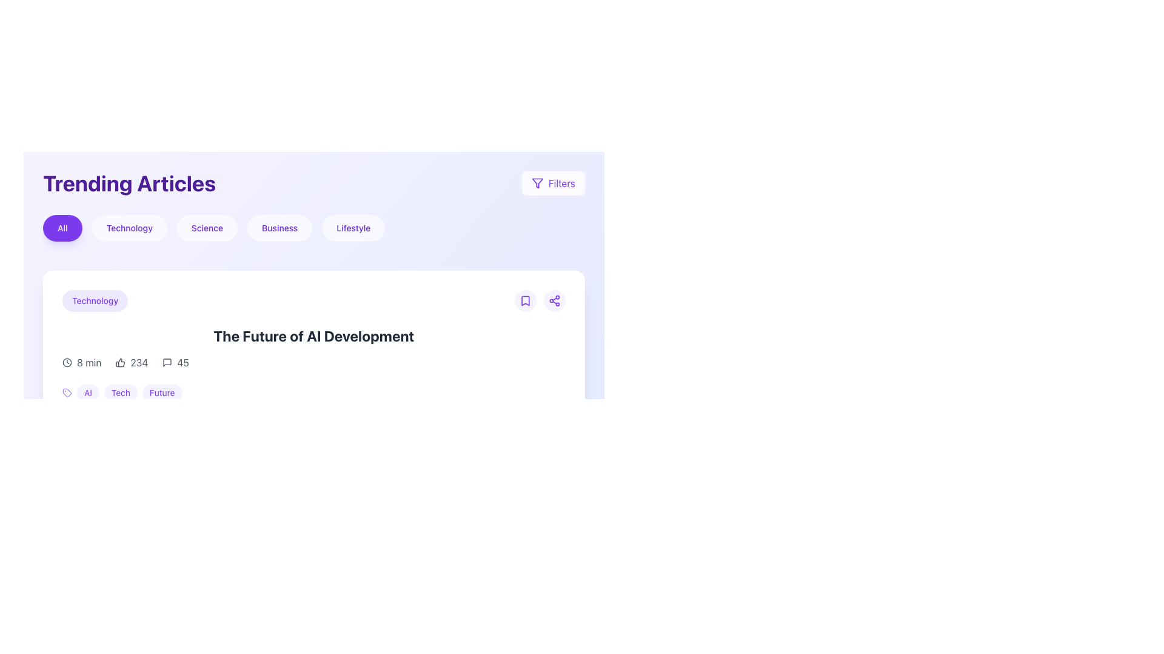 This screenshot has width=1164, height=654. I want to click on the circular graphical element which is part of the clock icon located at the center of the clock's base, situated in the lower left area of a card displaying an article preview, so click(66, 532).